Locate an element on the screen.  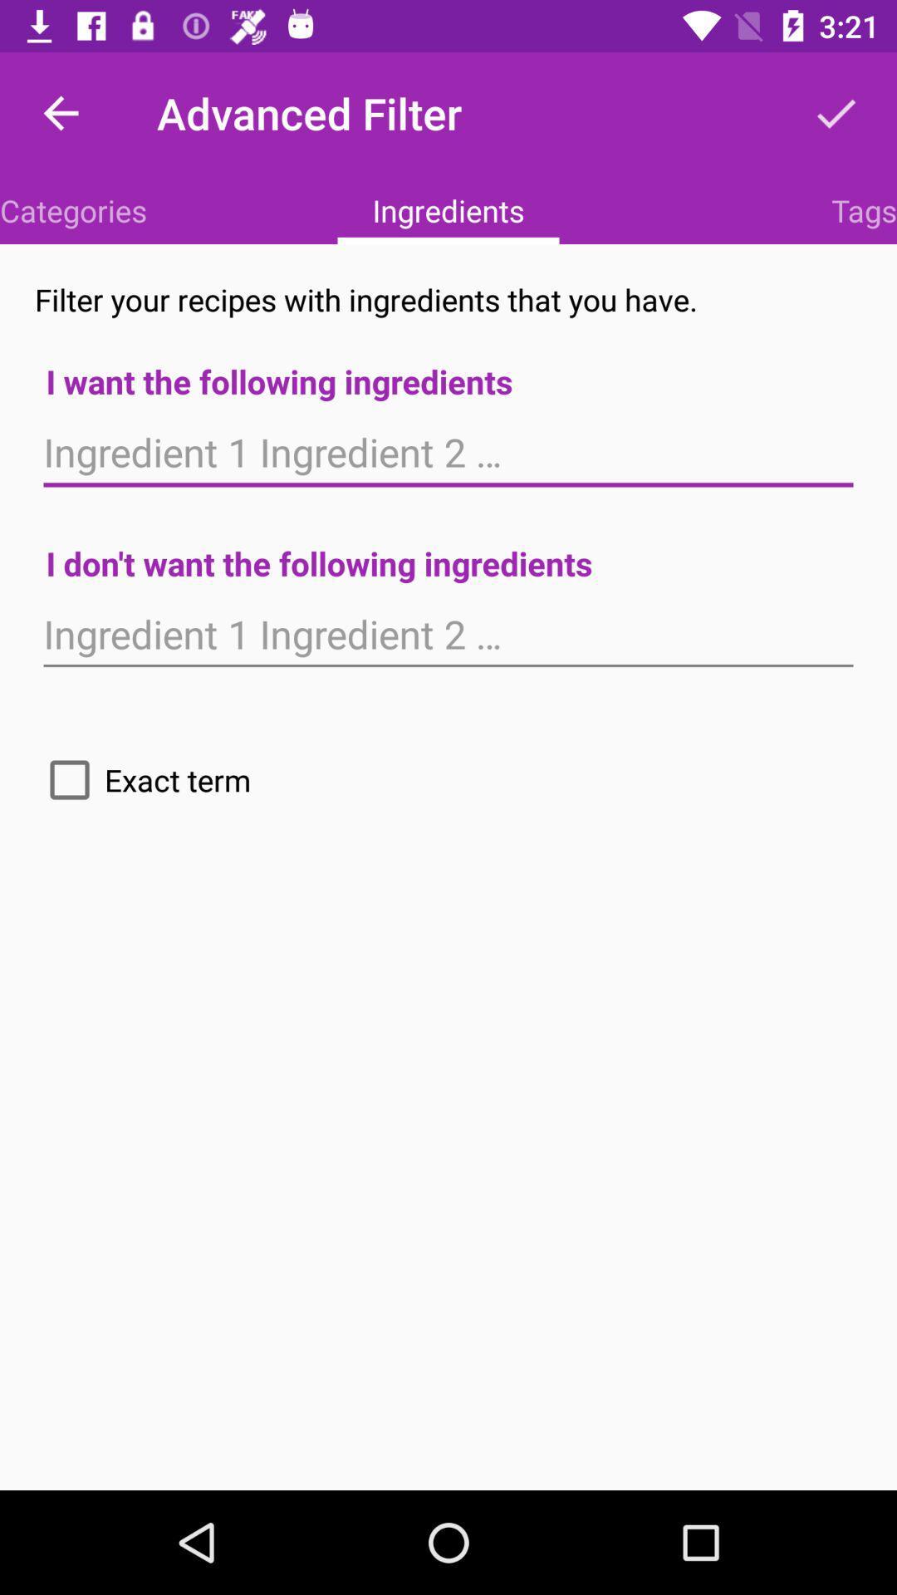
the item to the right of the ingredients is located at coordinates (863, 209).